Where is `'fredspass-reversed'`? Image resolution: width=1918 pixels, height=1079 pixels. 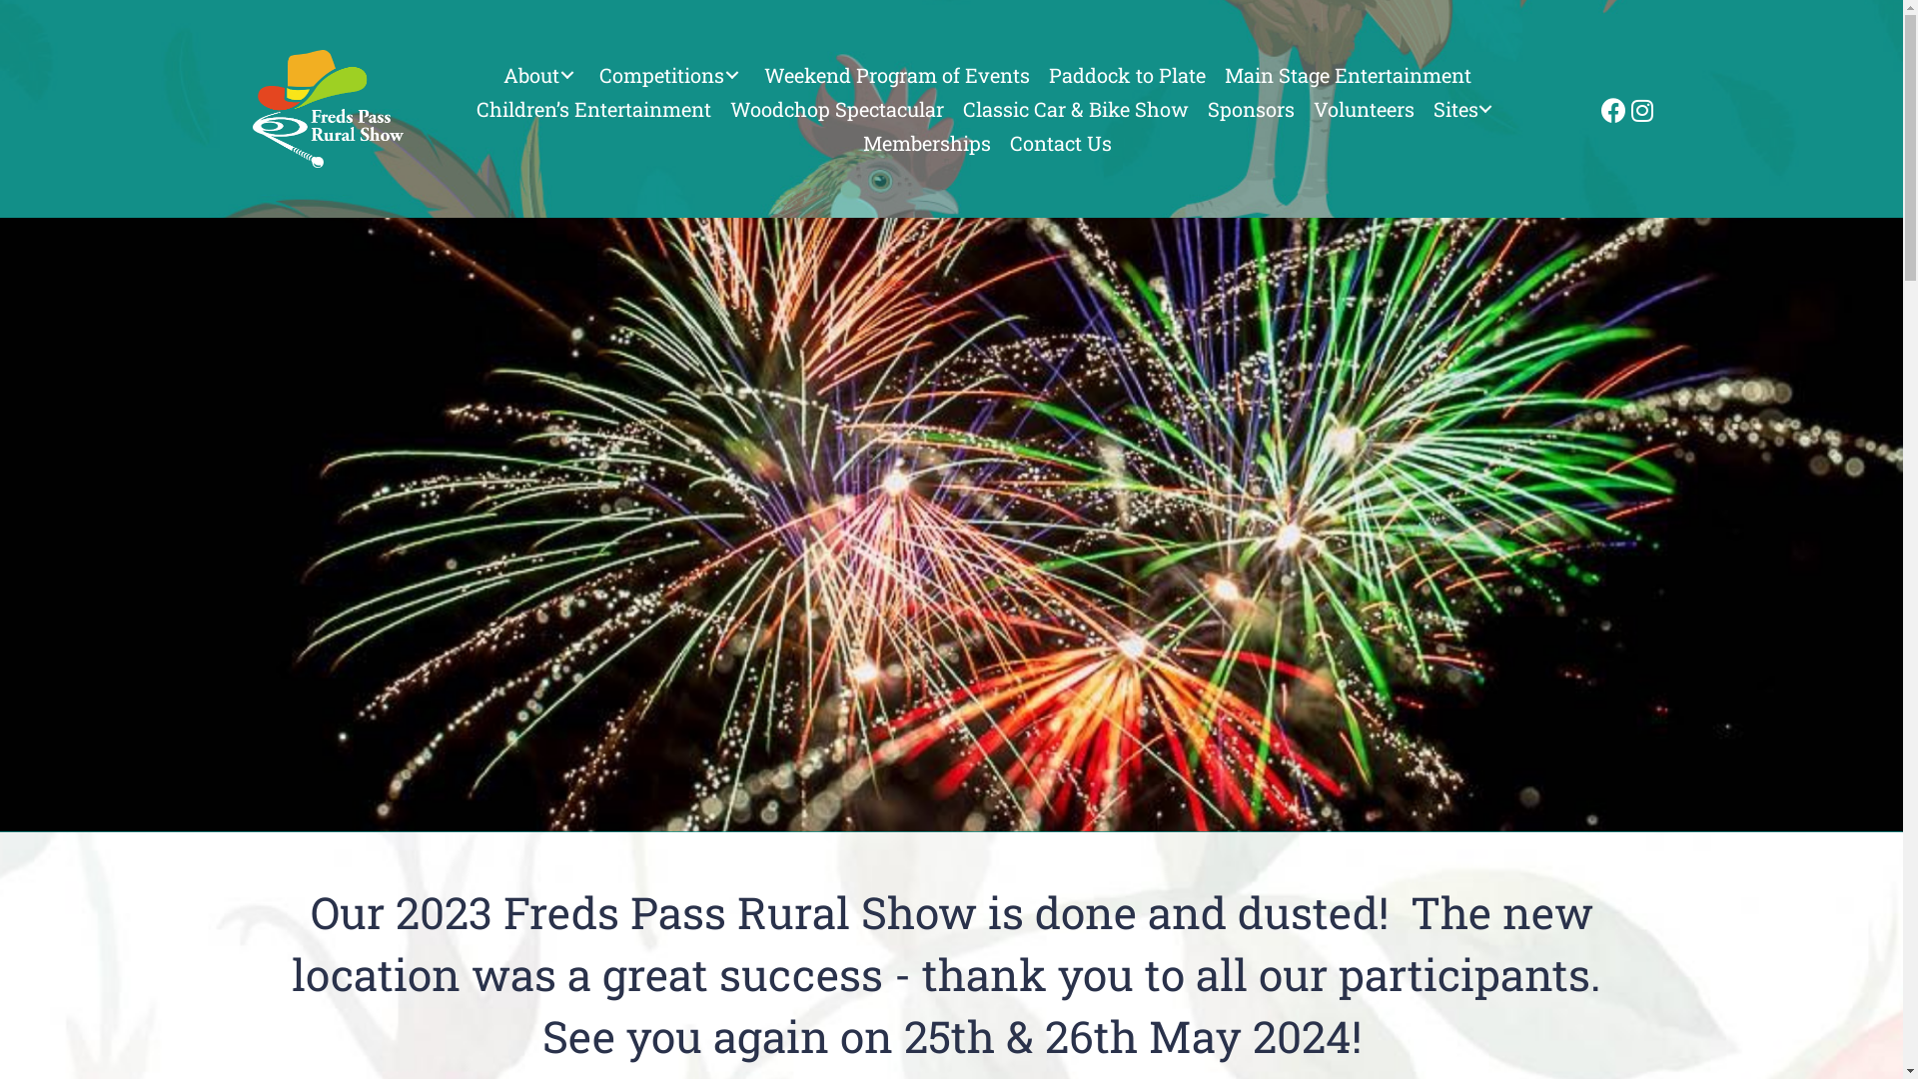 'fredspass-reversed' is located at coordinates (327, 108).